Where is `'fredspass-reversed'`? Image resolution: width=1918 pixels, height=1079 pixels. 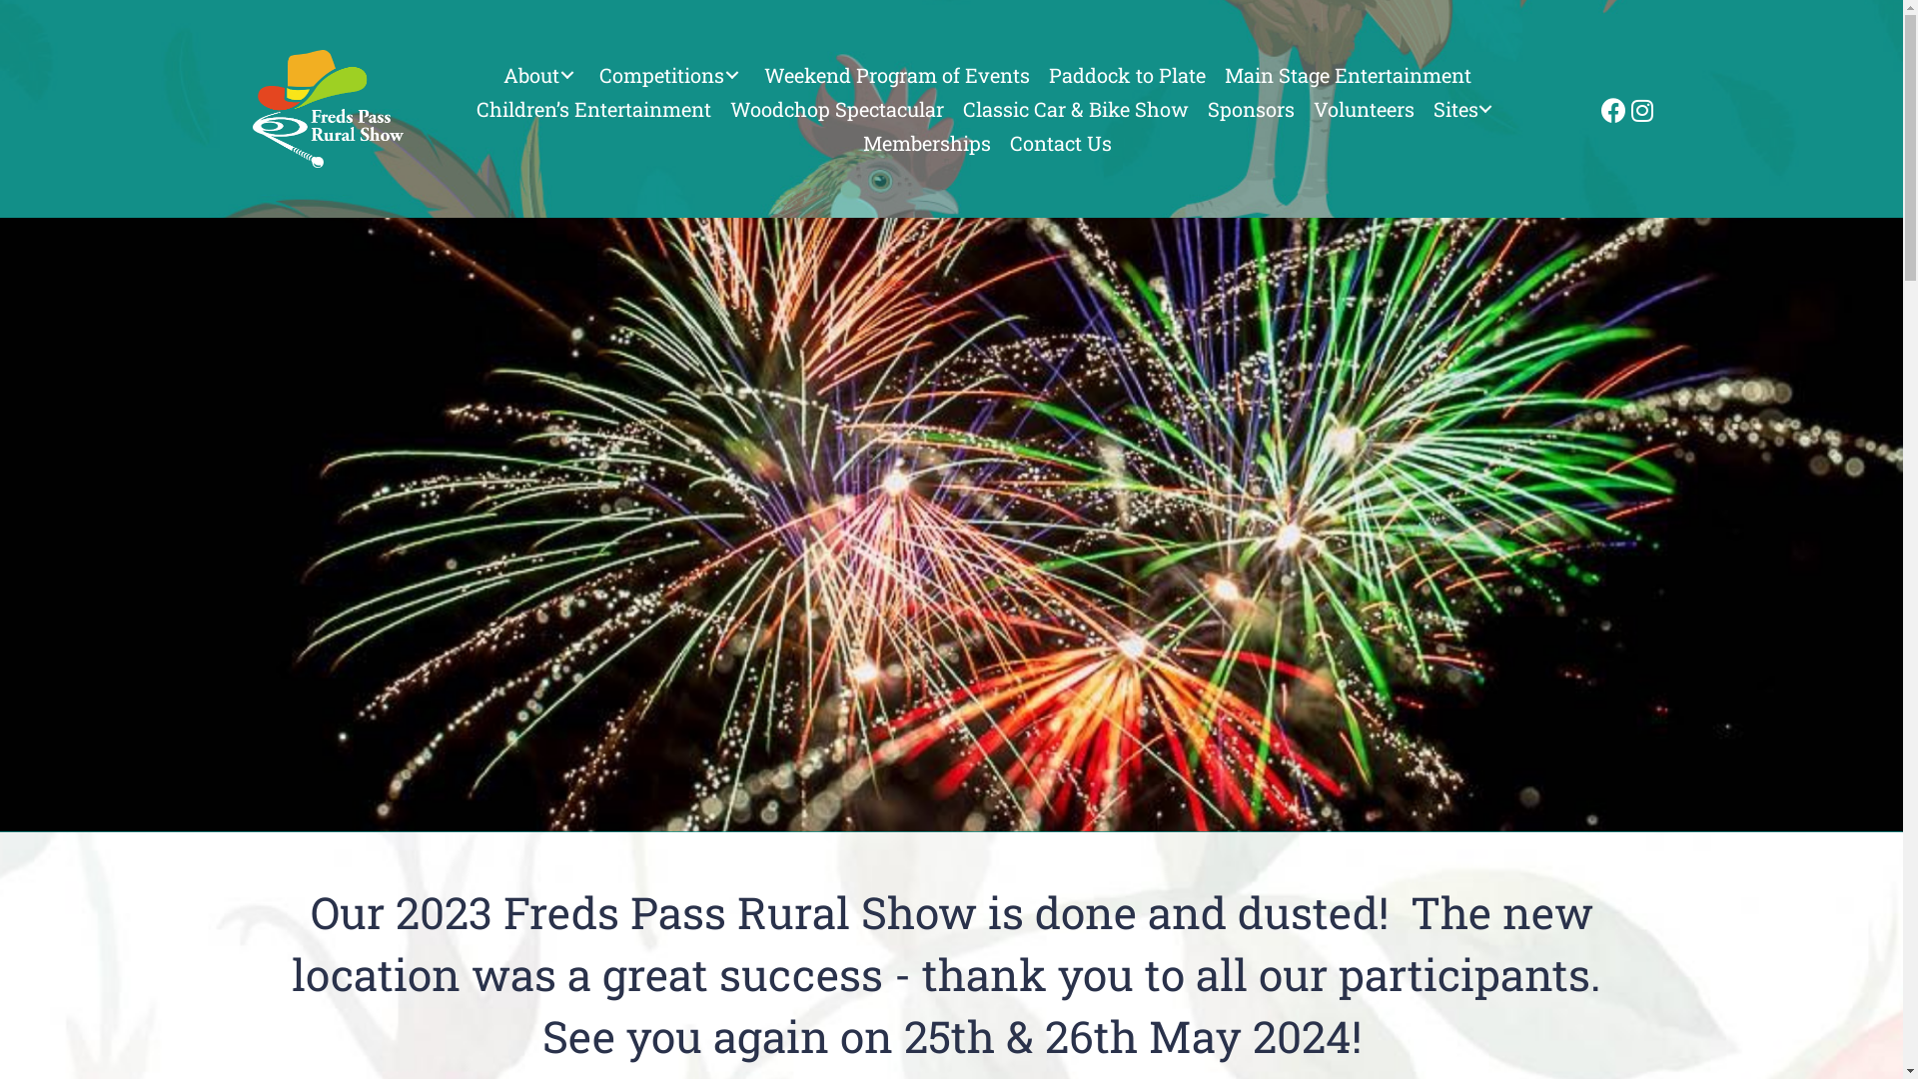 'fredspass-reversed' is located at coordinates (327, 108).